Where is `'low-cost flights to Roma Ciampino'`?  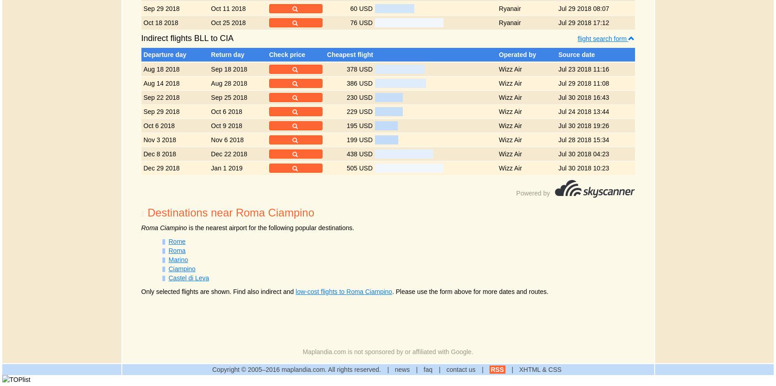 'low-cost flights to Roma Ciampino' is located at coordinates (344, 291).